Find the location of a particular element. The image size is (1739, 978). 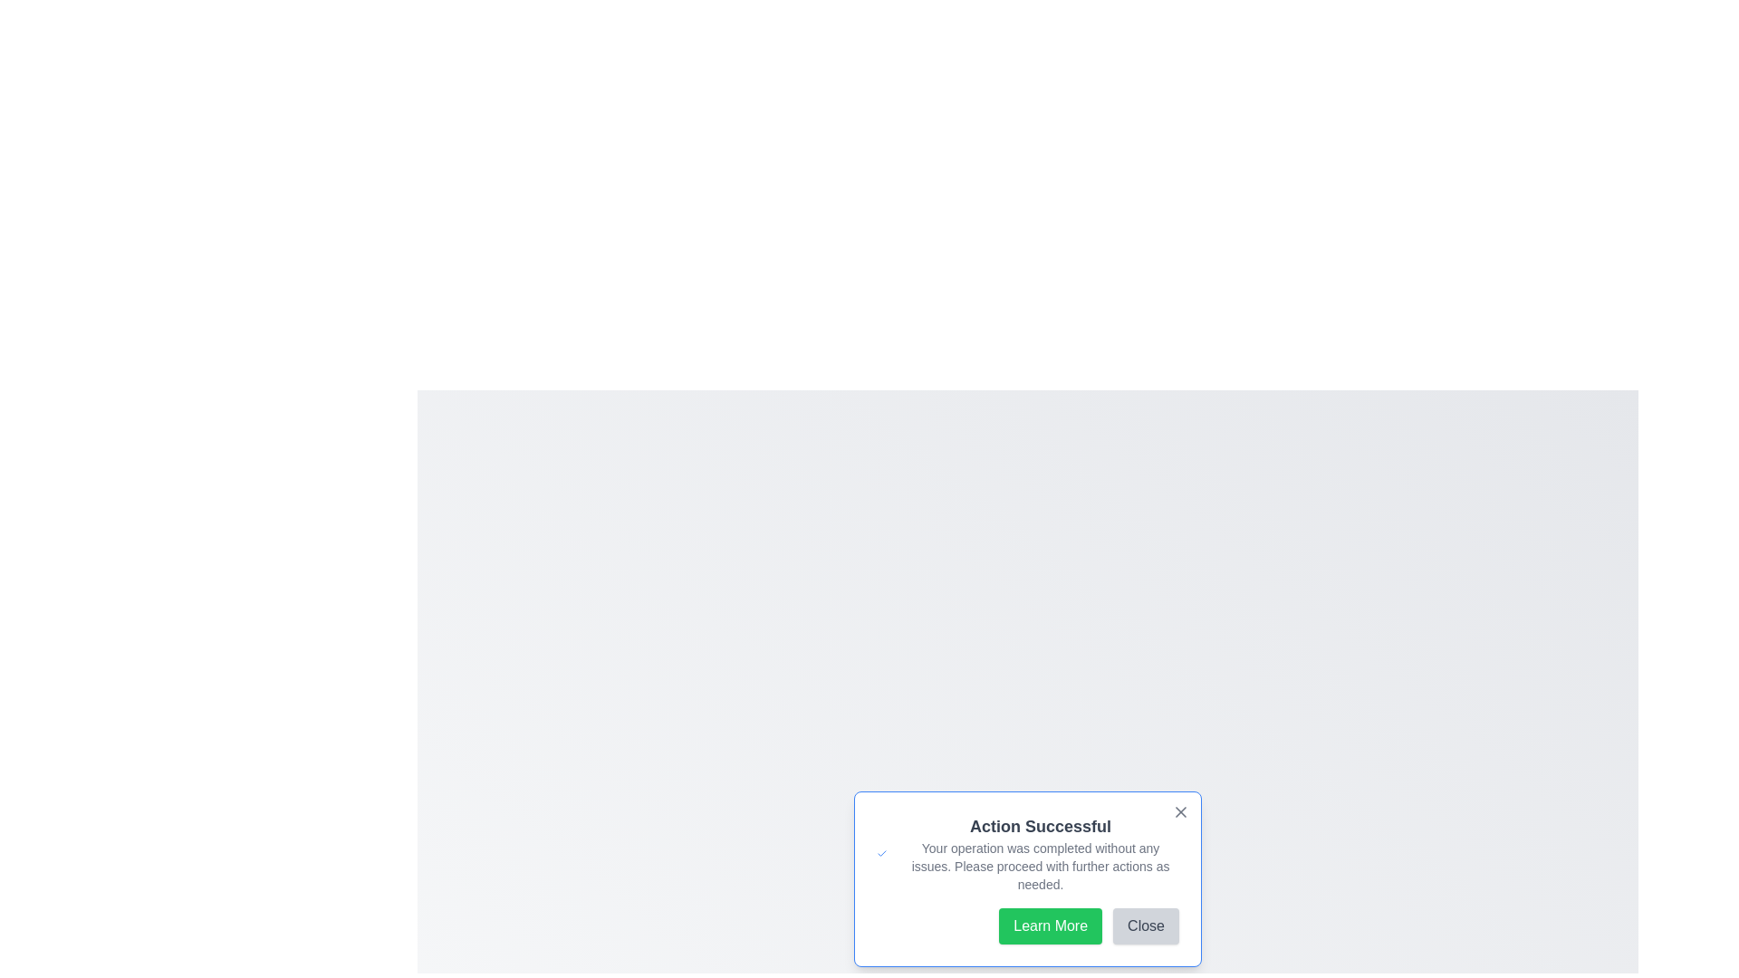

the 'Learn More' button to trigger the action is located at coordinates (1051, 925).